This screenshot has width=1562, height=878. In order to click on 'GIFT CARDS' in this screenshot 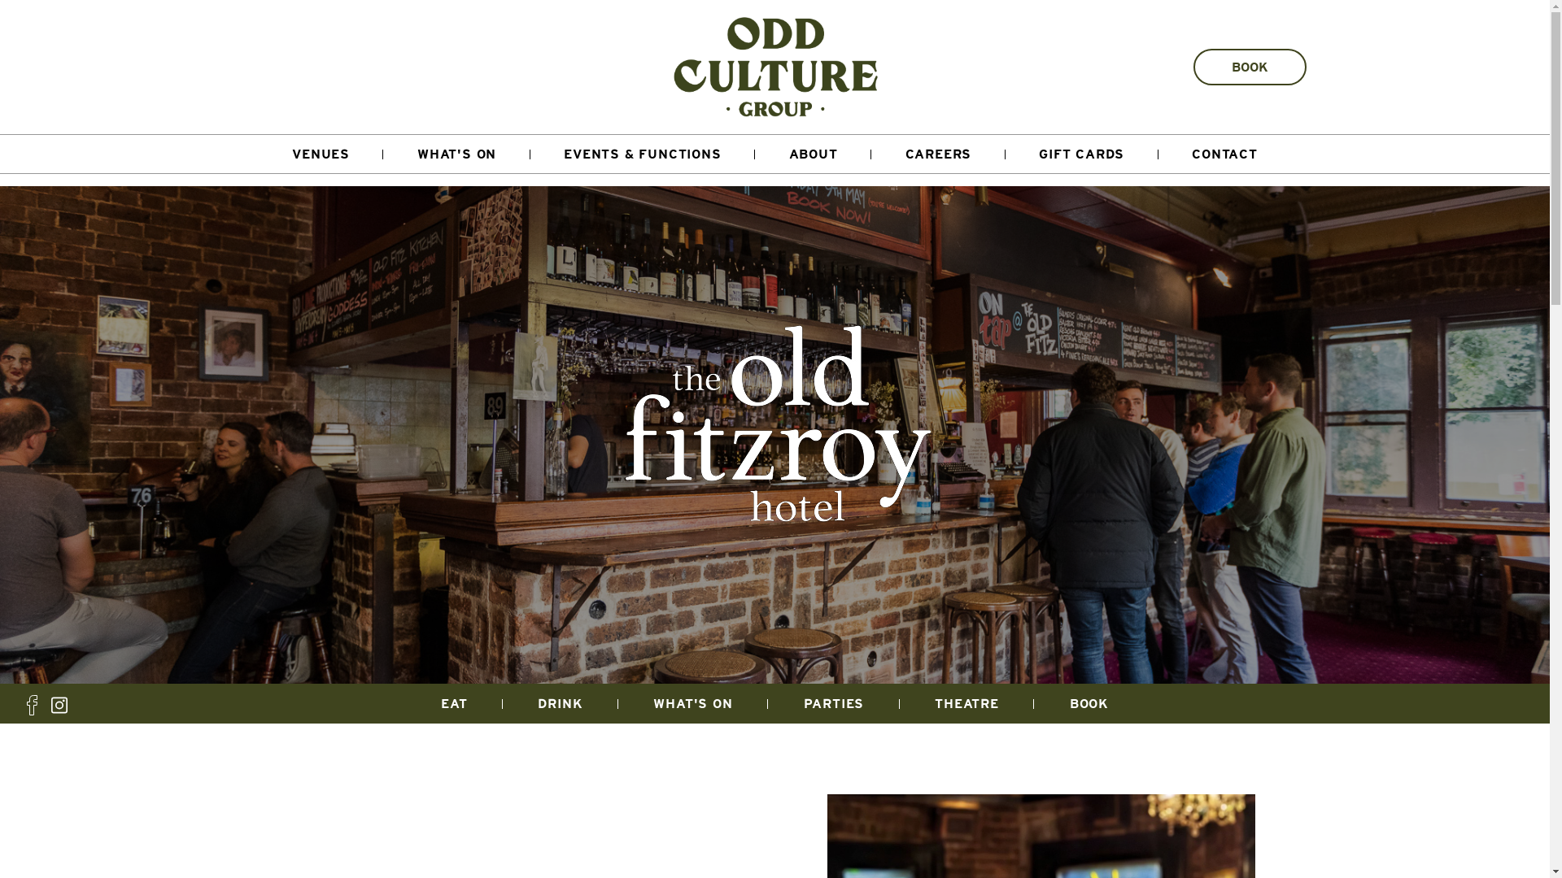, I will do `click(1005, 154)`.